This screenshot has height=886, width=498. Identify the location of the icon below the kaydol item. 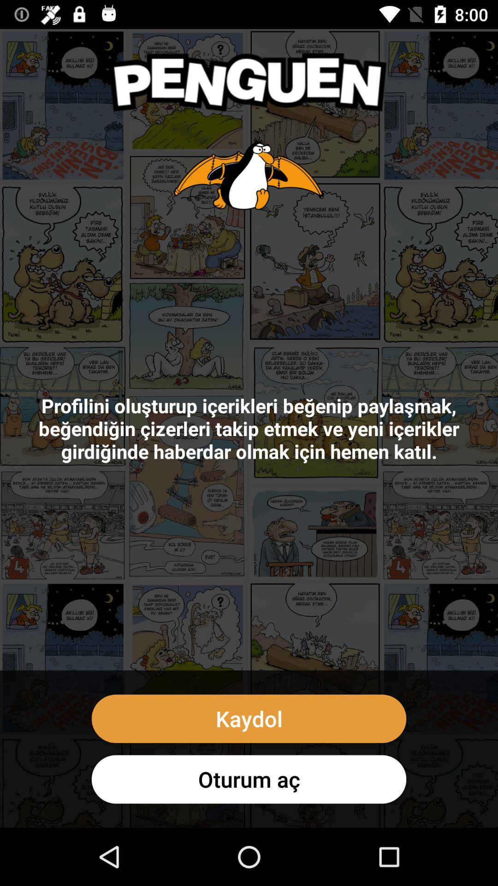
(249, 779).